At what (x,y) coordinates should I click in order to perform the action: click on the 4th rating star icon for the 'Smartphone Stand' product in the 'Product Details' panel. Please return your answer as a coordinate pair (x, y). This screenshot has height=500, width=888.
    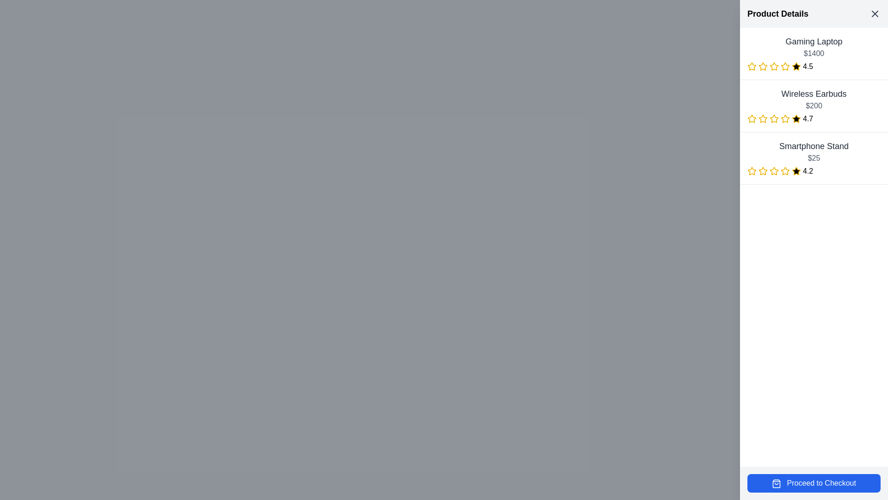
    Looking at the image, I should click on (796, 171).